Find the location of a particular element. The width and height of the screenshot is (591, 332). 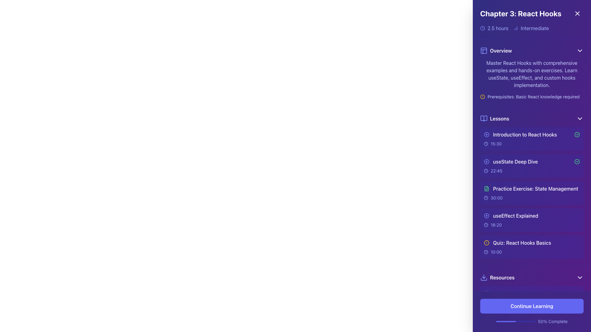

the first lesson entry in the 'Lessons' section of the sidebar menu is located at coordinates (532, 139).